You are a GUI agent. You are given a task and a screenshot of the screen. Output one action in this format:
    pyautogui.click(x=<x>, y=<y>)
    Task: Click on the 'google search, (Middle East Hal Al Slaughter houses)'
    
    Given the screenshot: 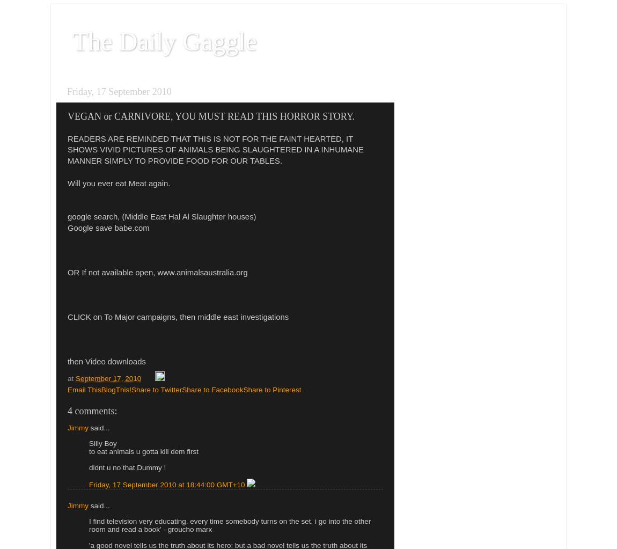 What is the action you would take?
    pyautogui.click(x=67, y=216)
    